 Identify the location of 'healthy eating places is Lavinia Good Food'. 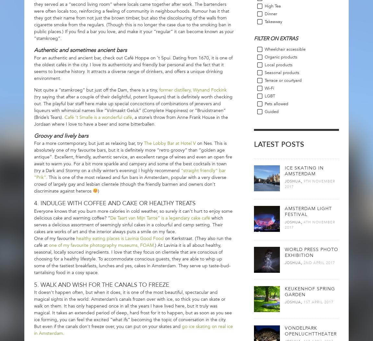
(120, 238).